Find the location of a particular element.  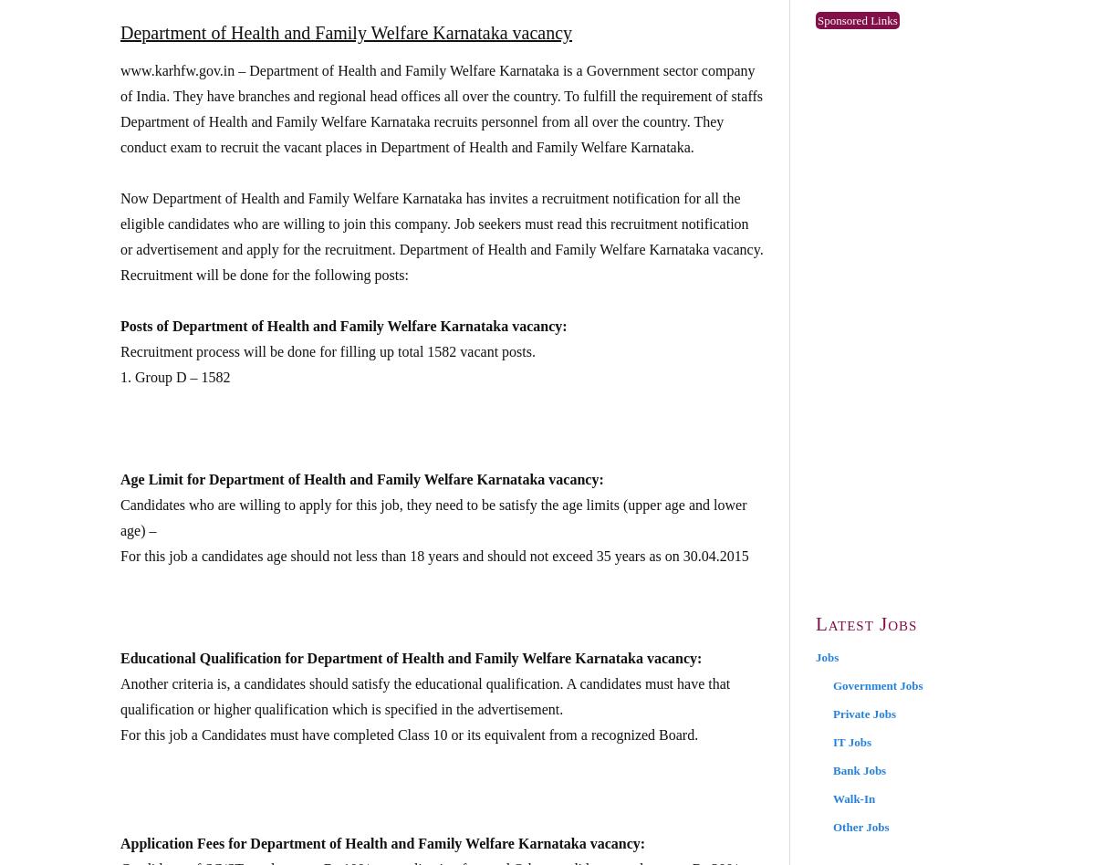

'Posts of Department of Health and Family Welfare Karnataka vacancy:' is located at coordinates (343, 325).